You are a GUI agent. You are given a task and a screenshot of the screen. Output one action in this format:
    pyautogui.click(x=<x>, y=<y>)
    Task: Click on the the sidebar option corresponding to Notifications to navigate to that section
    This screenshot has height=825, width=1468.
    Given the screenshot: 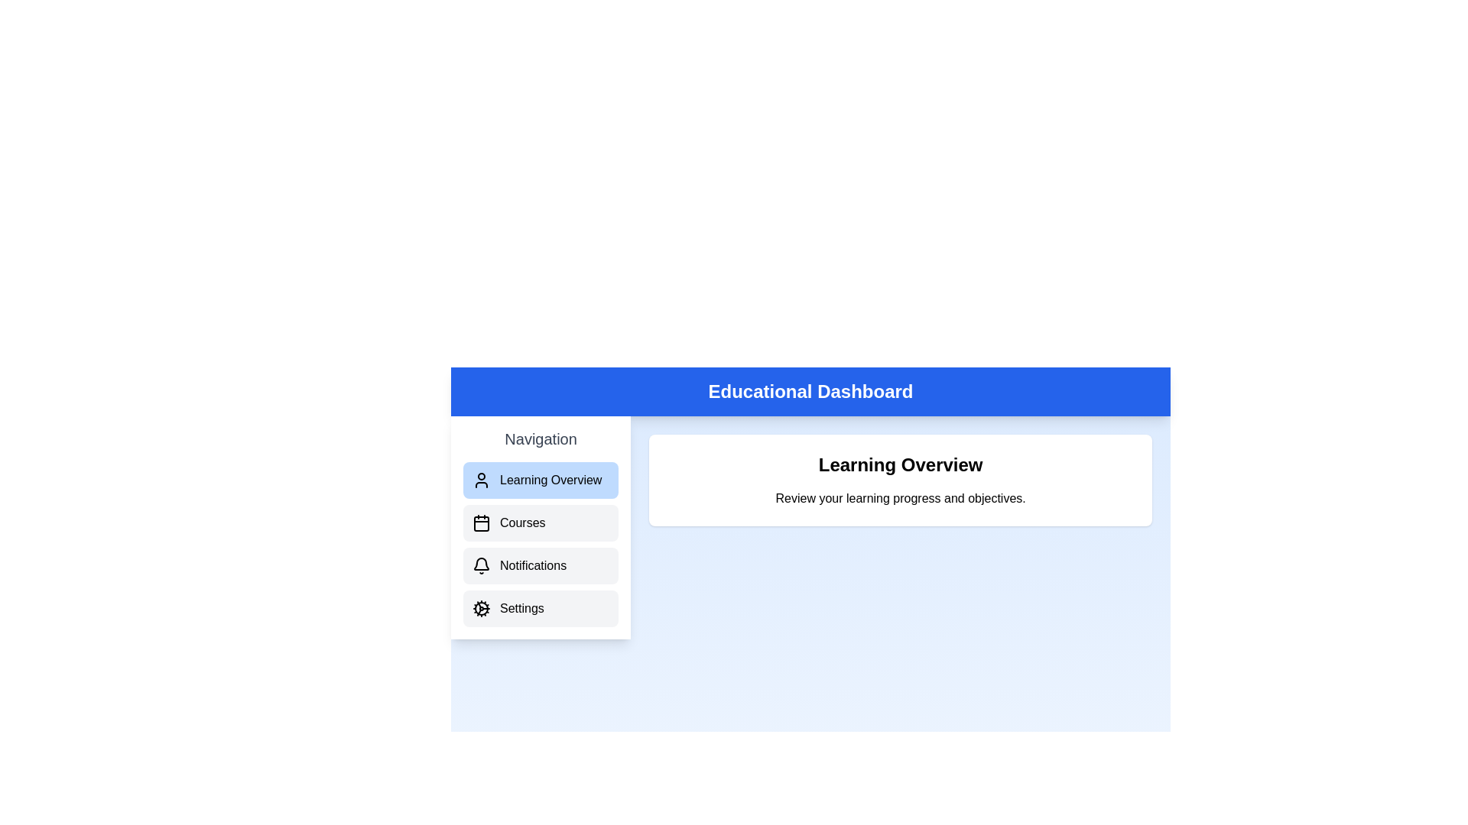 What is the action you would take?
    pyautogui.click(x=541, y=565)
    